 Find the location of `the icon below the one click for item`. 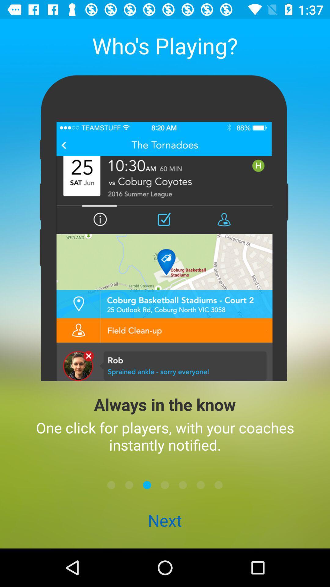

the icon below the one click for item is located at coordinates (111, 485).